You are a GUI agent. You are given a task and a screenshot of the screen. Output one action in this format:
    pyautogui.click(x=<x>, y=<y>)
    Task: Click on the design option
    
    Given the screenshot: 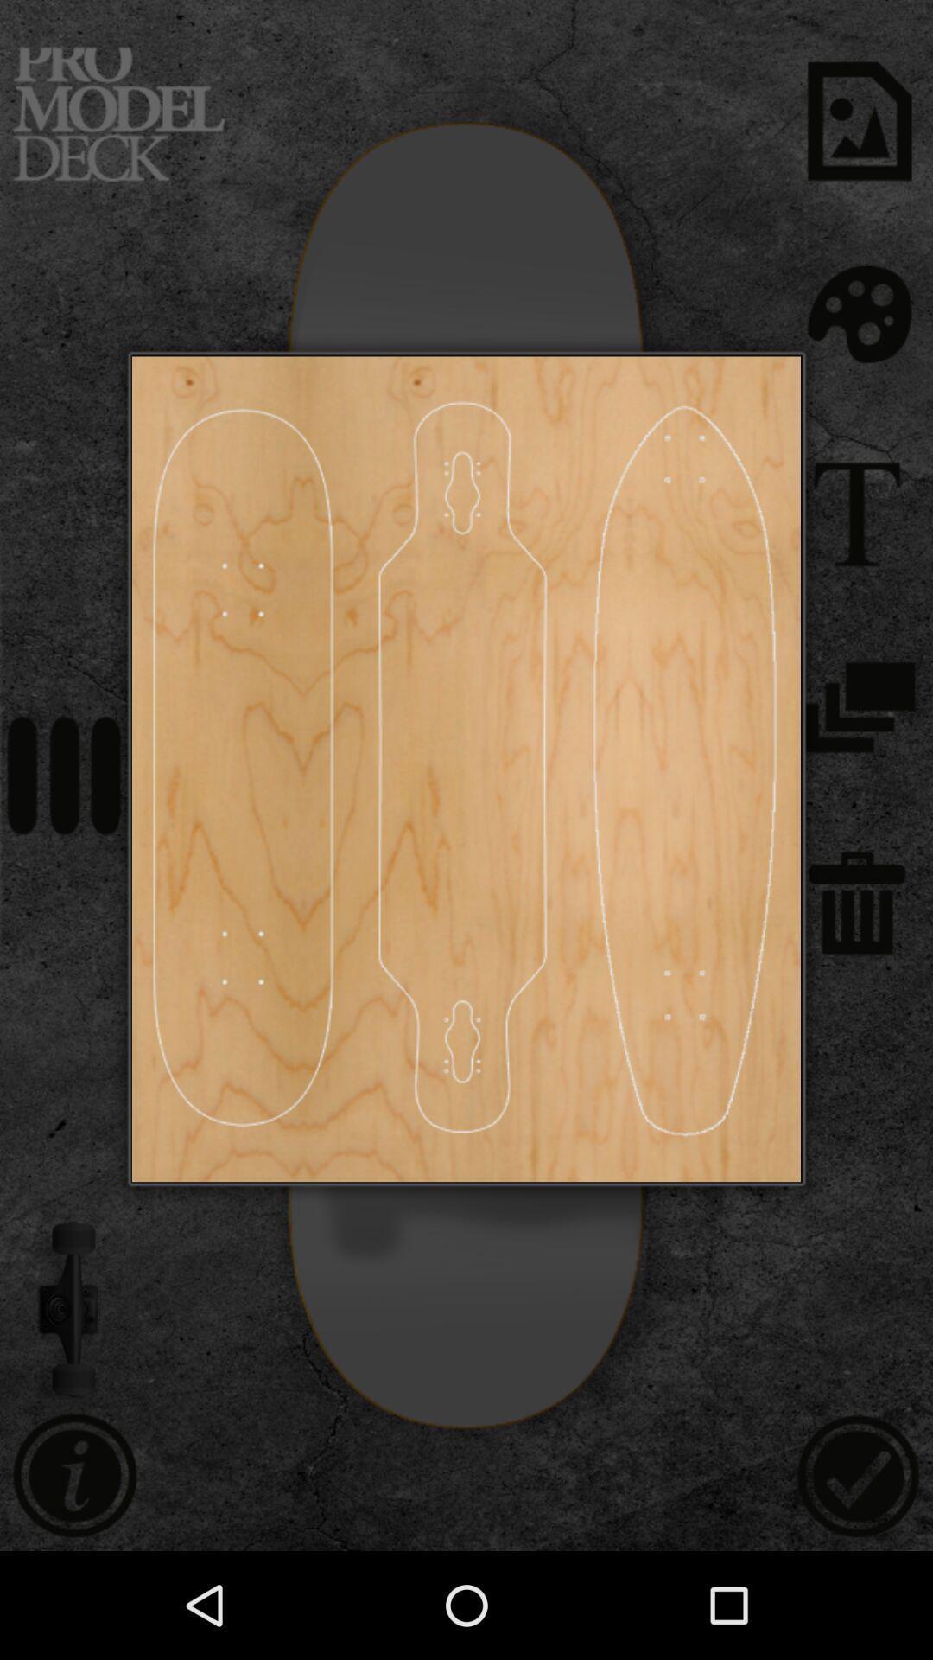 What is the action you would take?
    pyautogui.click(x=462, y=768)
    